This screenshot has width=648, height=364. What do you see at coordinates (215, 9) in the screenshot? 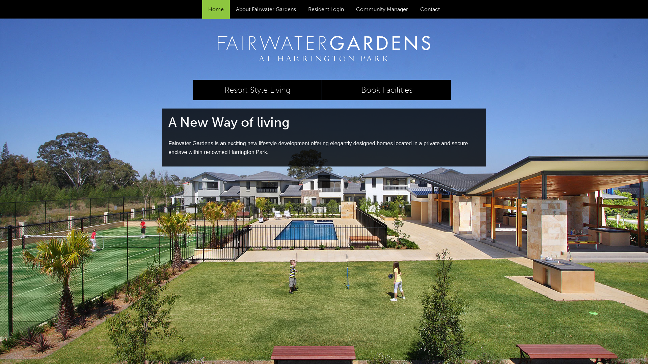
I see `'Home'` at bounding box center [215, 9].